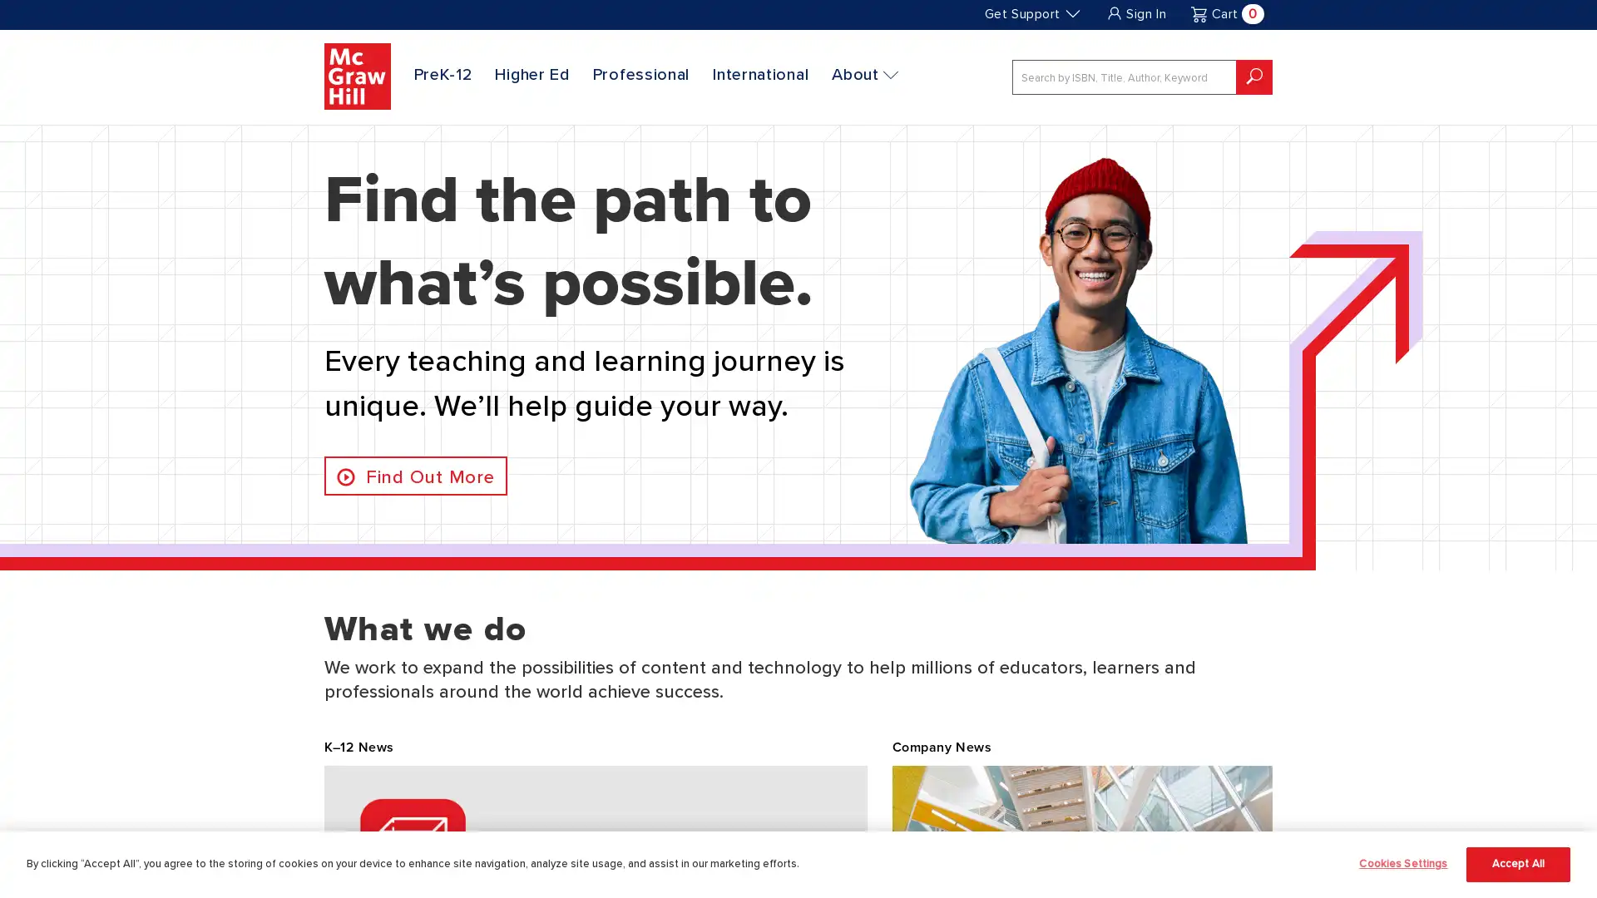  Describe the element at coordinates (1253, 76) in the screenshot. I see `submit` at that location.